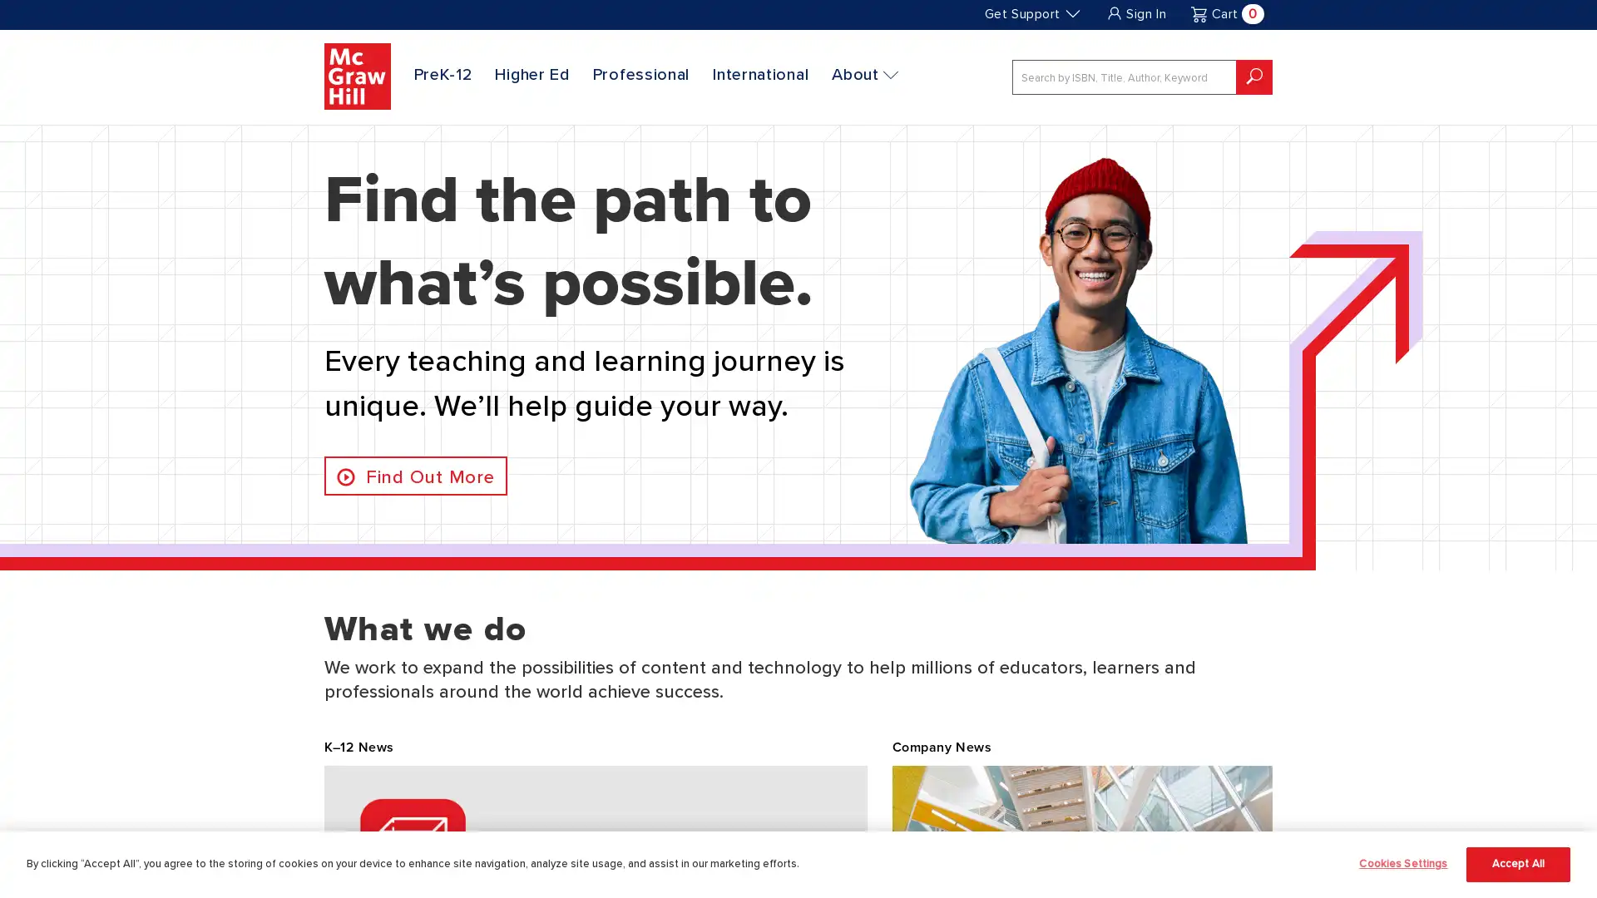  Describe the element at coordinates (1253, 76) in the screenshot. I see `submit` at that location.